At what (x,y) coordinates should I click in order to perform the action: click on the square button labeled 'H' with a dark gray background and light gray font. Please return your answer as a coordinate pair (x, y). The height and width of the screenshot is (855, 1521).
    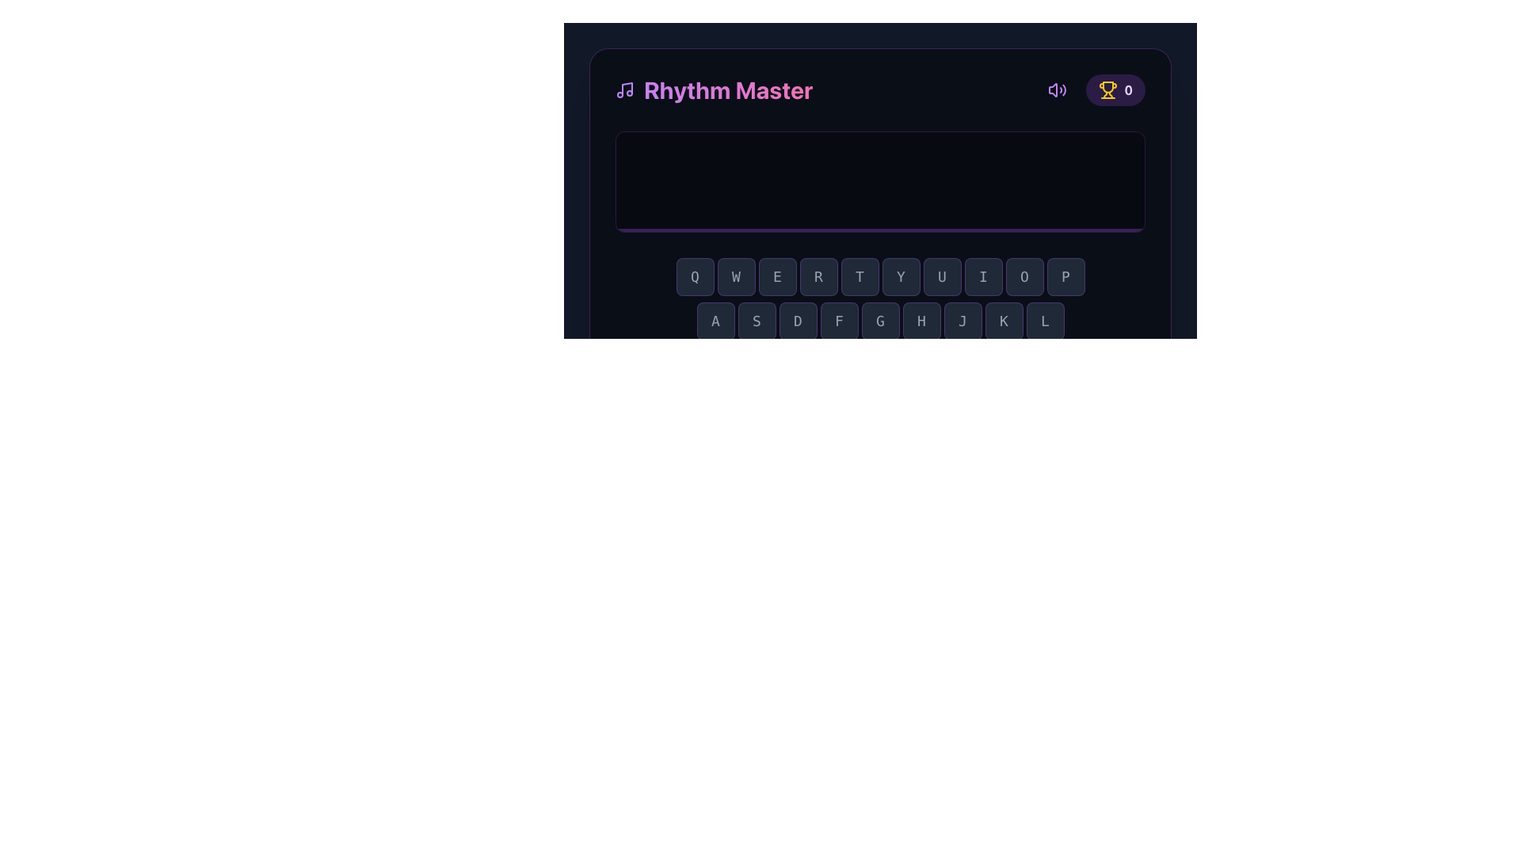
    Looking at the image, I should click on (921, 321).